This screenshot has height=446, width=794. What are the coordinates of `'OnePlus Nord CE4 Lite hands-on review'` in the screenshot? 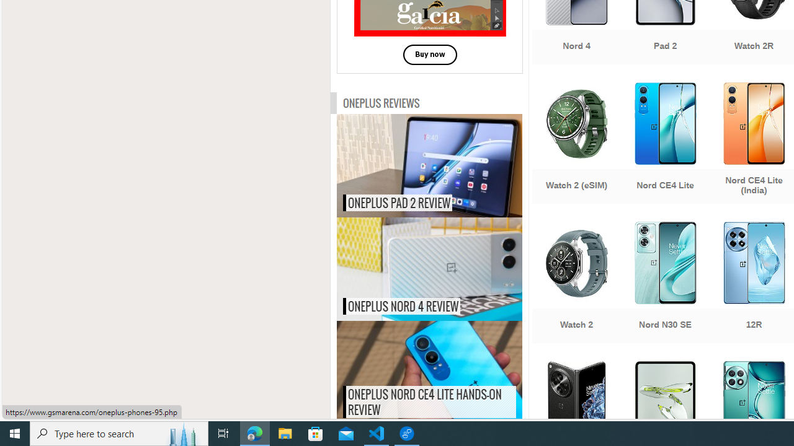 It's located at (455, 372).